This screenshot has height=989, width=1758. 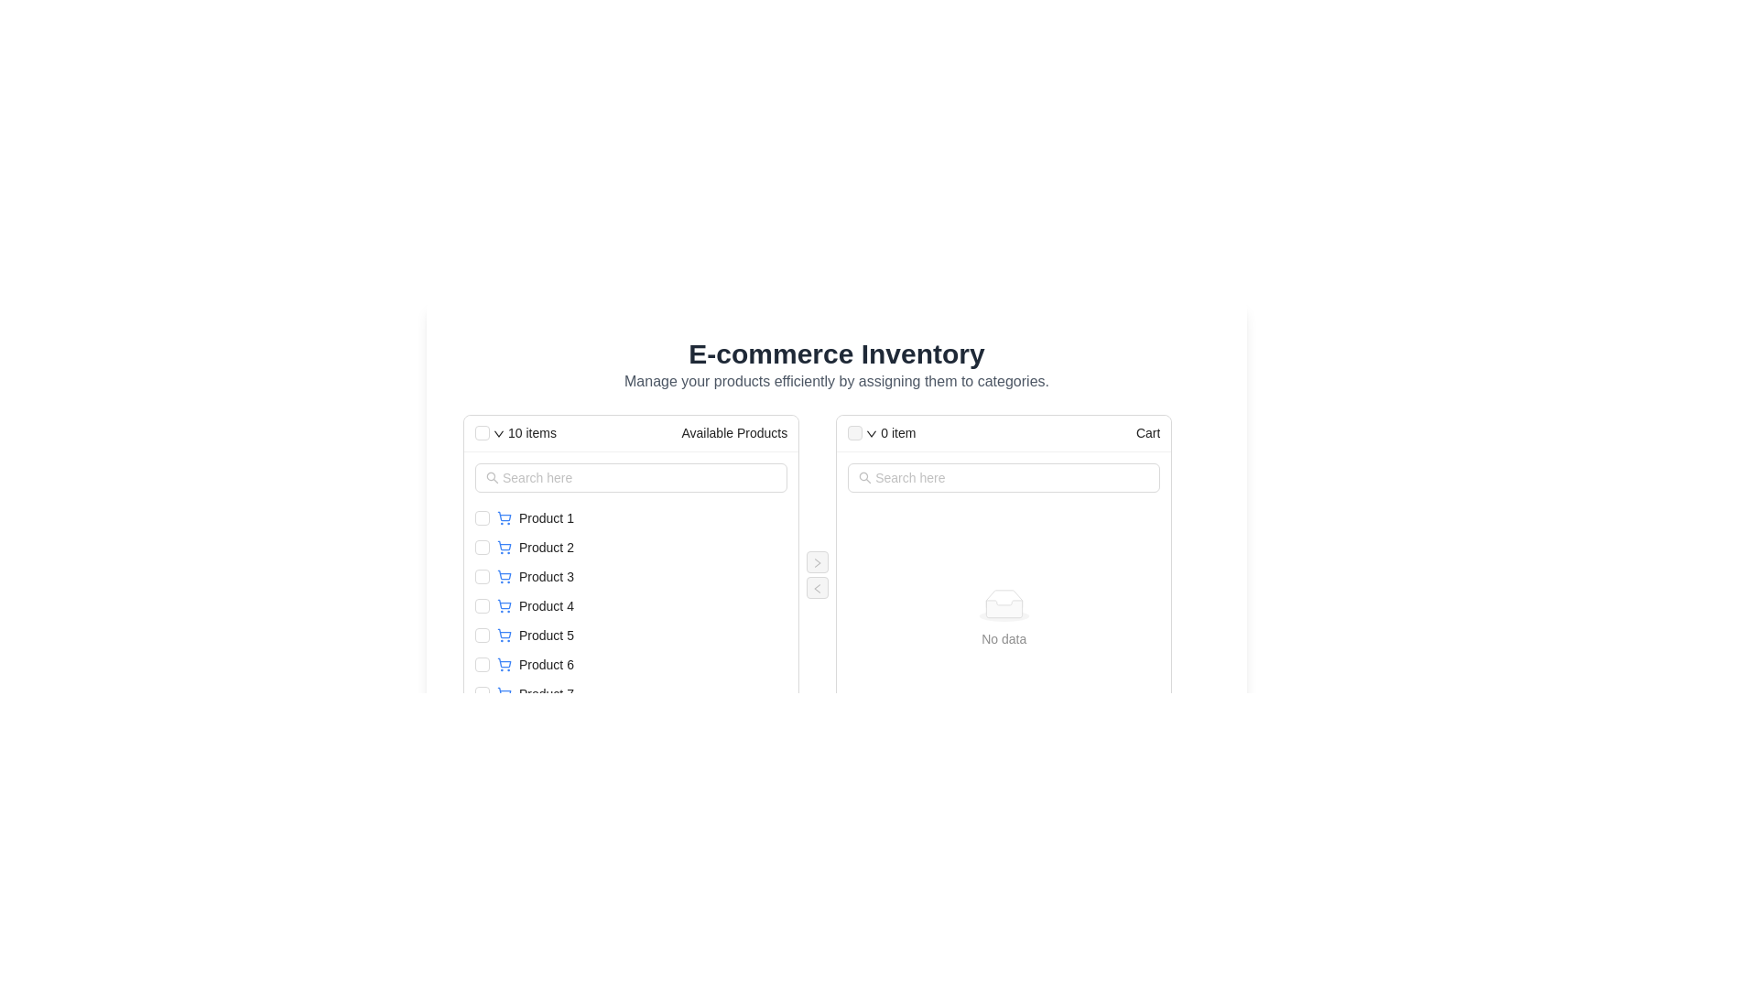 I want to click on the text label representing the first product in the 'Available Products' column to focus on the product name, so click(x=545, y=518).